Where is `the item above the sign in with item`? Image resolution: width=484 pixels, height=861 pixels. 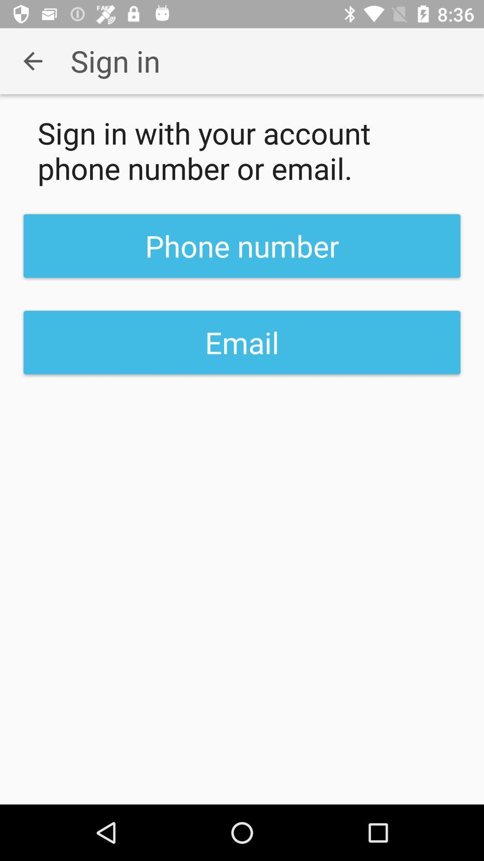 the item above the sign in with item is located at coordinates (32, 61).